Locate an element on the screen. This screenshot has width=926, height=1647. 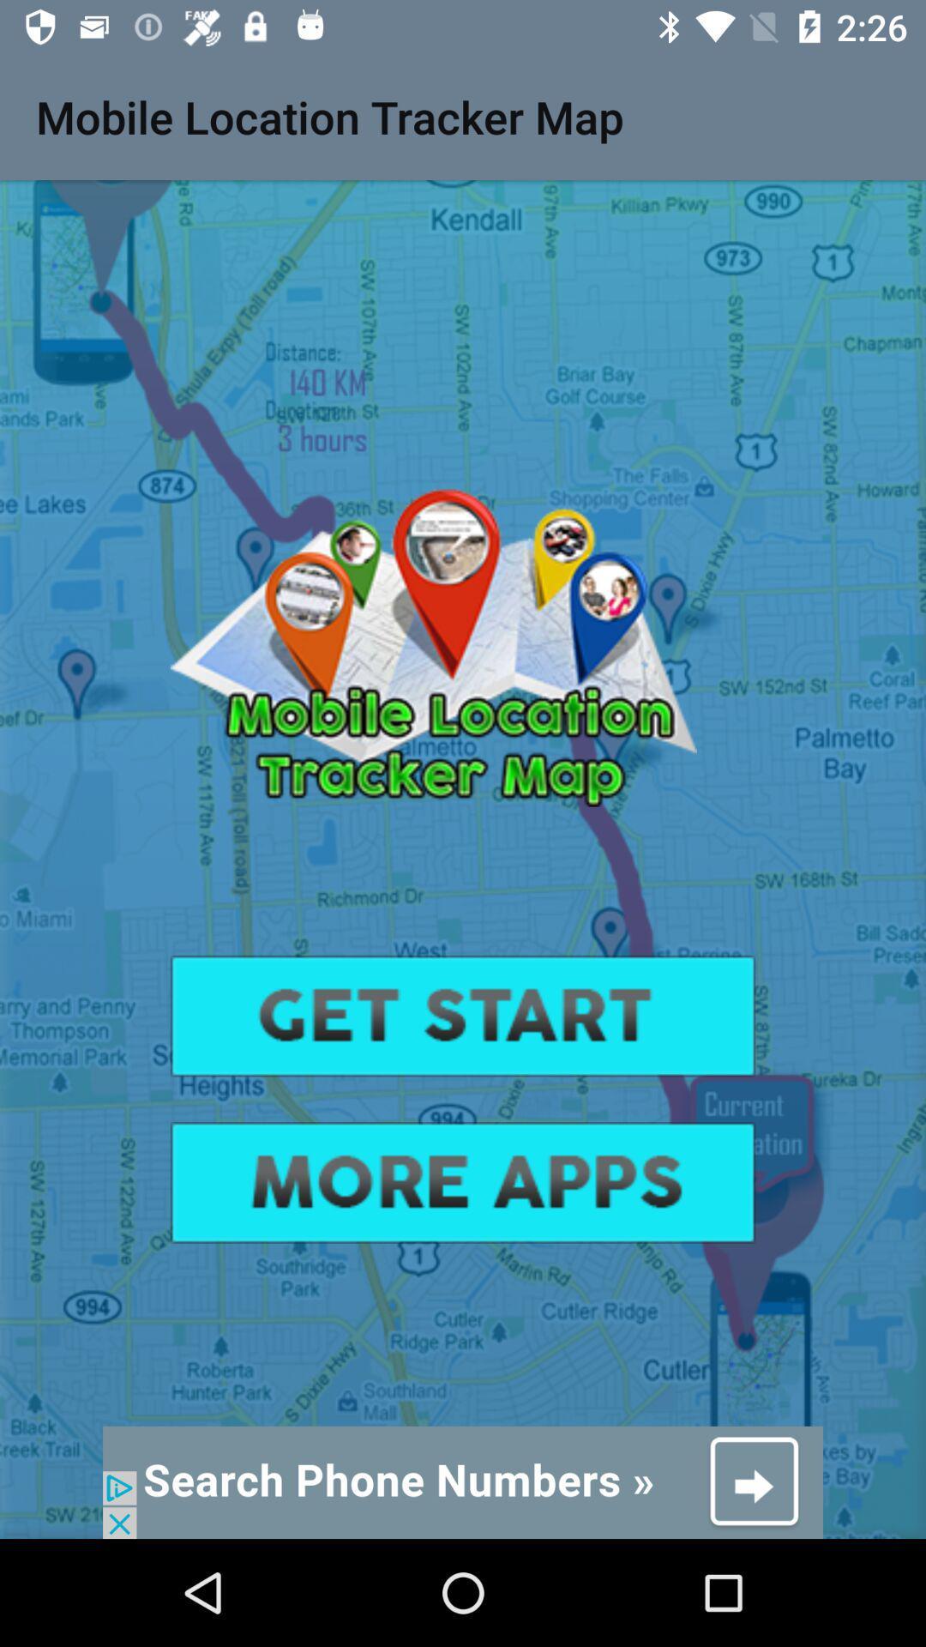
advert banner is located at coordinates (463, 1481).